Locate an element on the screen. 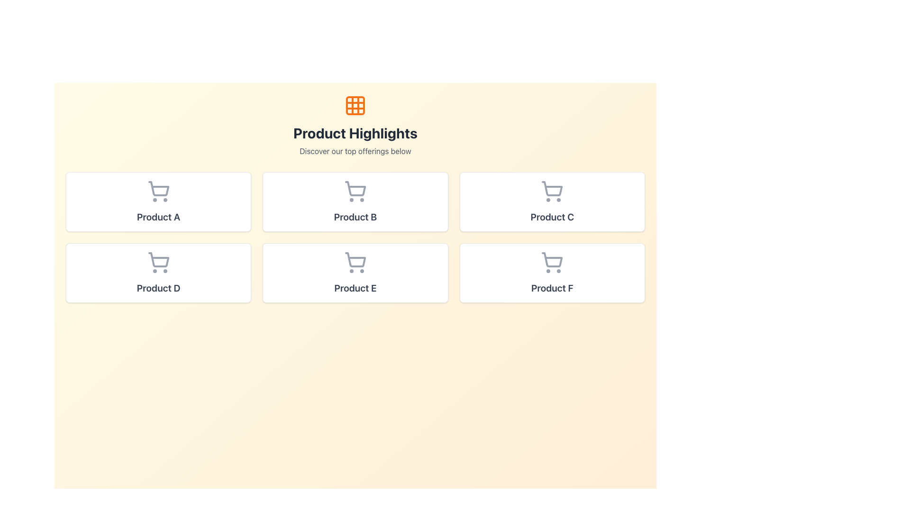 The width and height of the screenshot is (910, 512). the 'Product A' card, which is the first item in a grid layout of six cards, located at the top left is located at coordinates (158, 201).